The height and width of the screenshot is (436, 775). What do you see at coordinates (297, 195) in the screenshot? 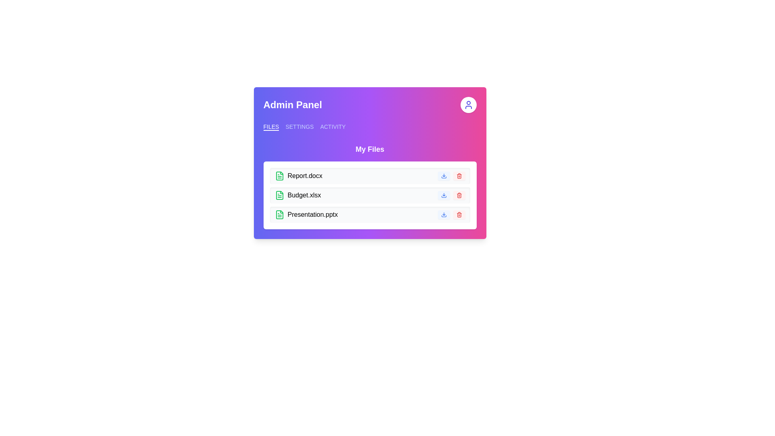
I see `on the 'Budget.xlsx' file item, which consists of a green outlined document icon followed by the text in a simple sans-serif font` at bounding box center [297, 195].